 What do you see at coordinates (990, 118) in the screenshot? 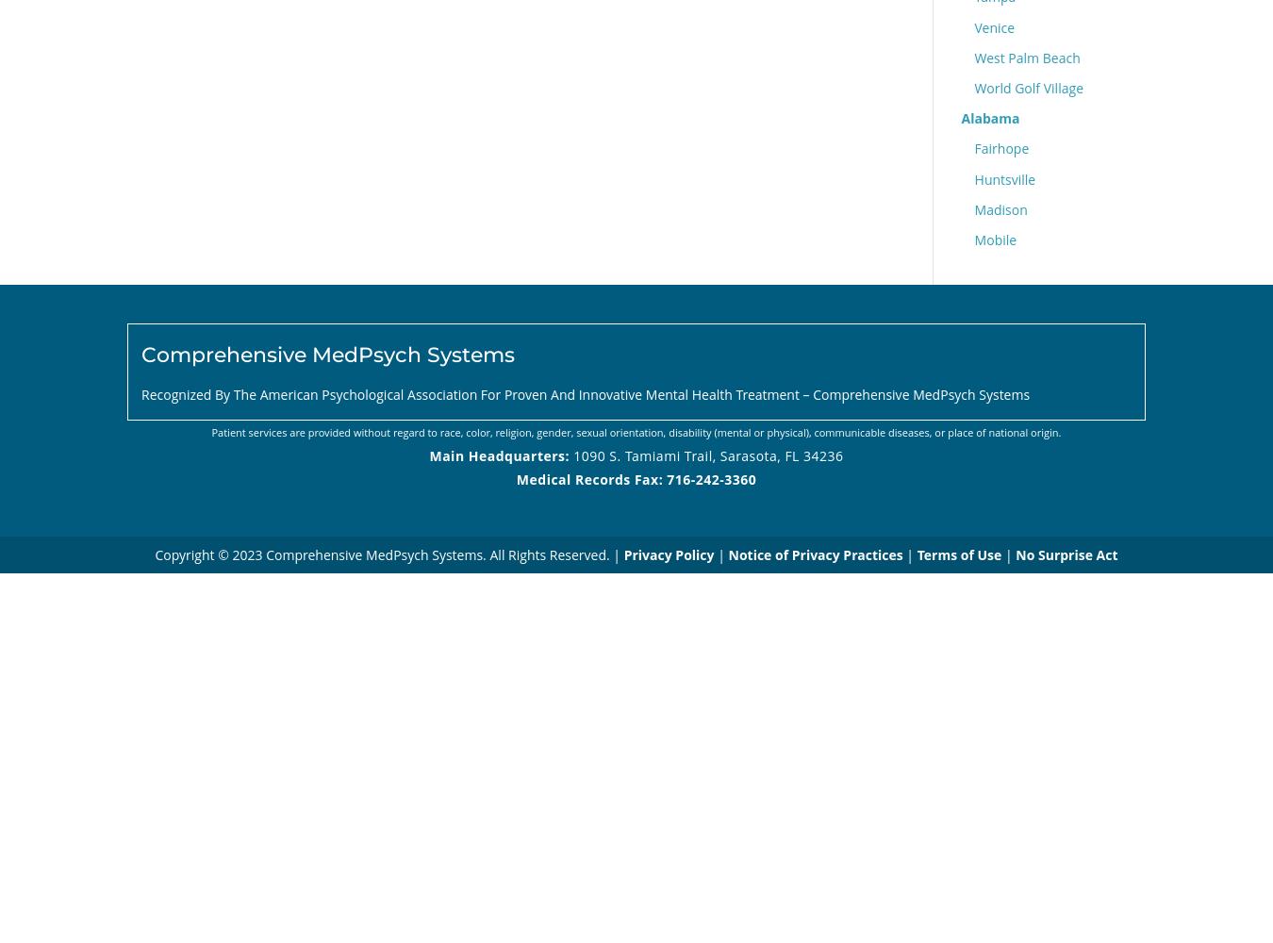
I see `'Alabama'` at bounding box center [990, 118].